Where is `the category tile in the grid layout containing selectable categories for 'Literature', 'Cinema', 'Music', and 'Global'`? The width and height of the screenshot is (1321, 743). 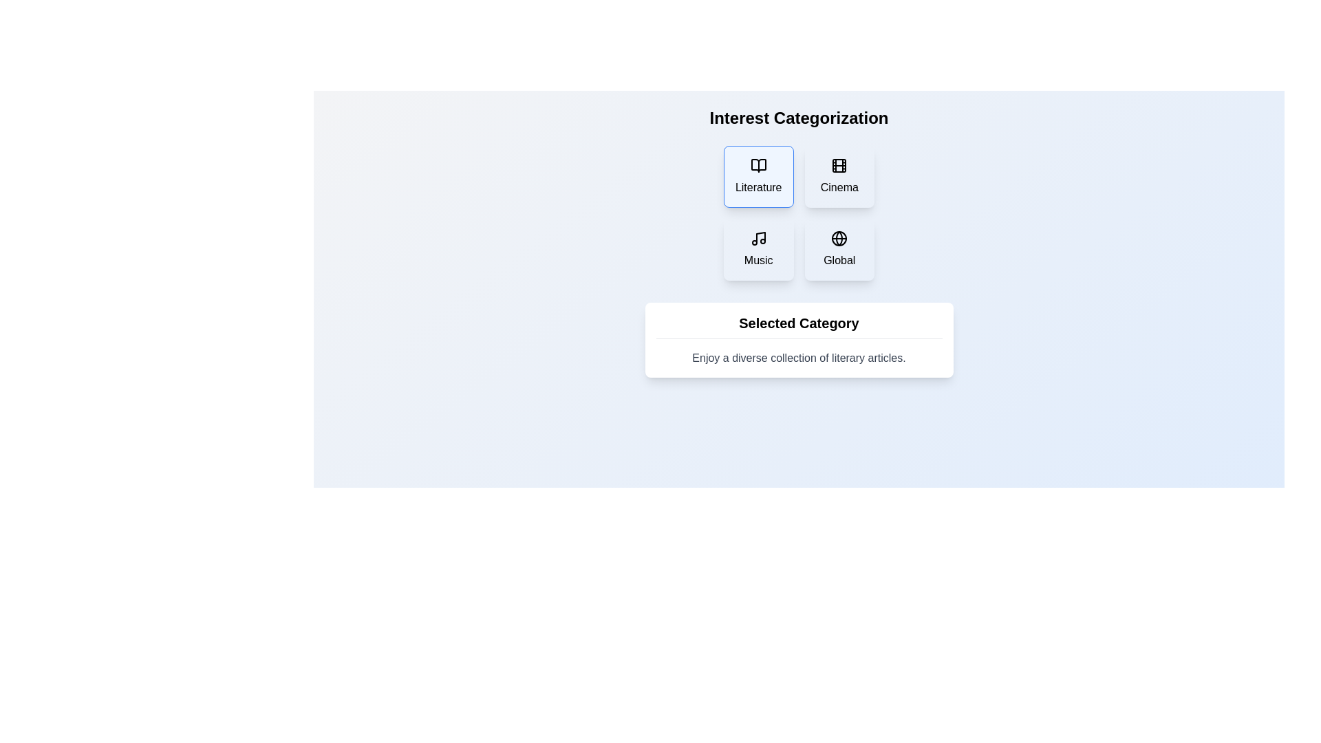 the category tile in the grid layout containing selectable categories for 'Literature', 'Cinema', 'Music', and 'Global' is located at coordinates (799, 213).